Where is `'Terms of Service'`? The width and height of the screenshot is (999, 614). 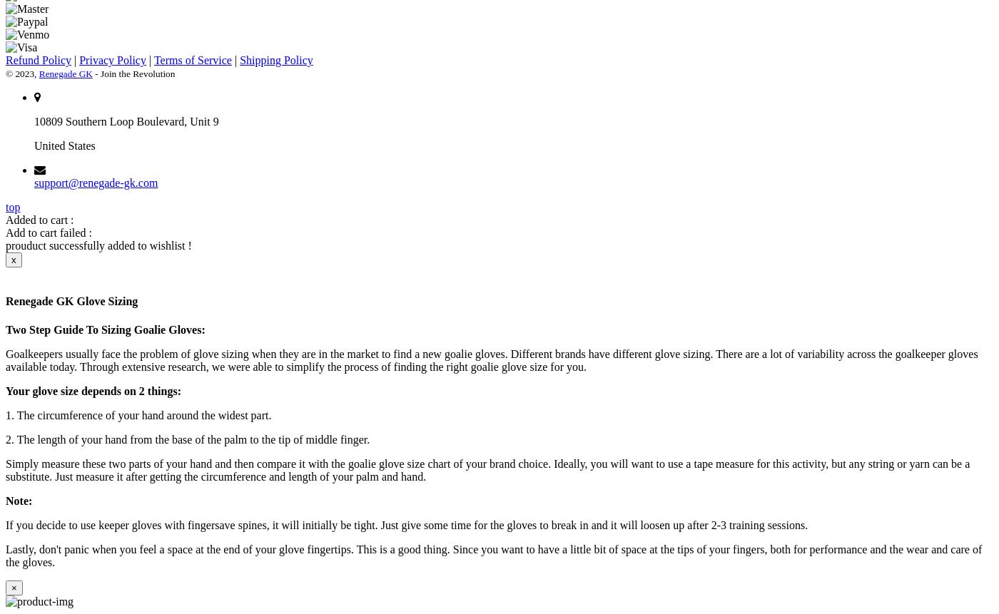 'Terms of Service' is located at coordinates (153, 59).